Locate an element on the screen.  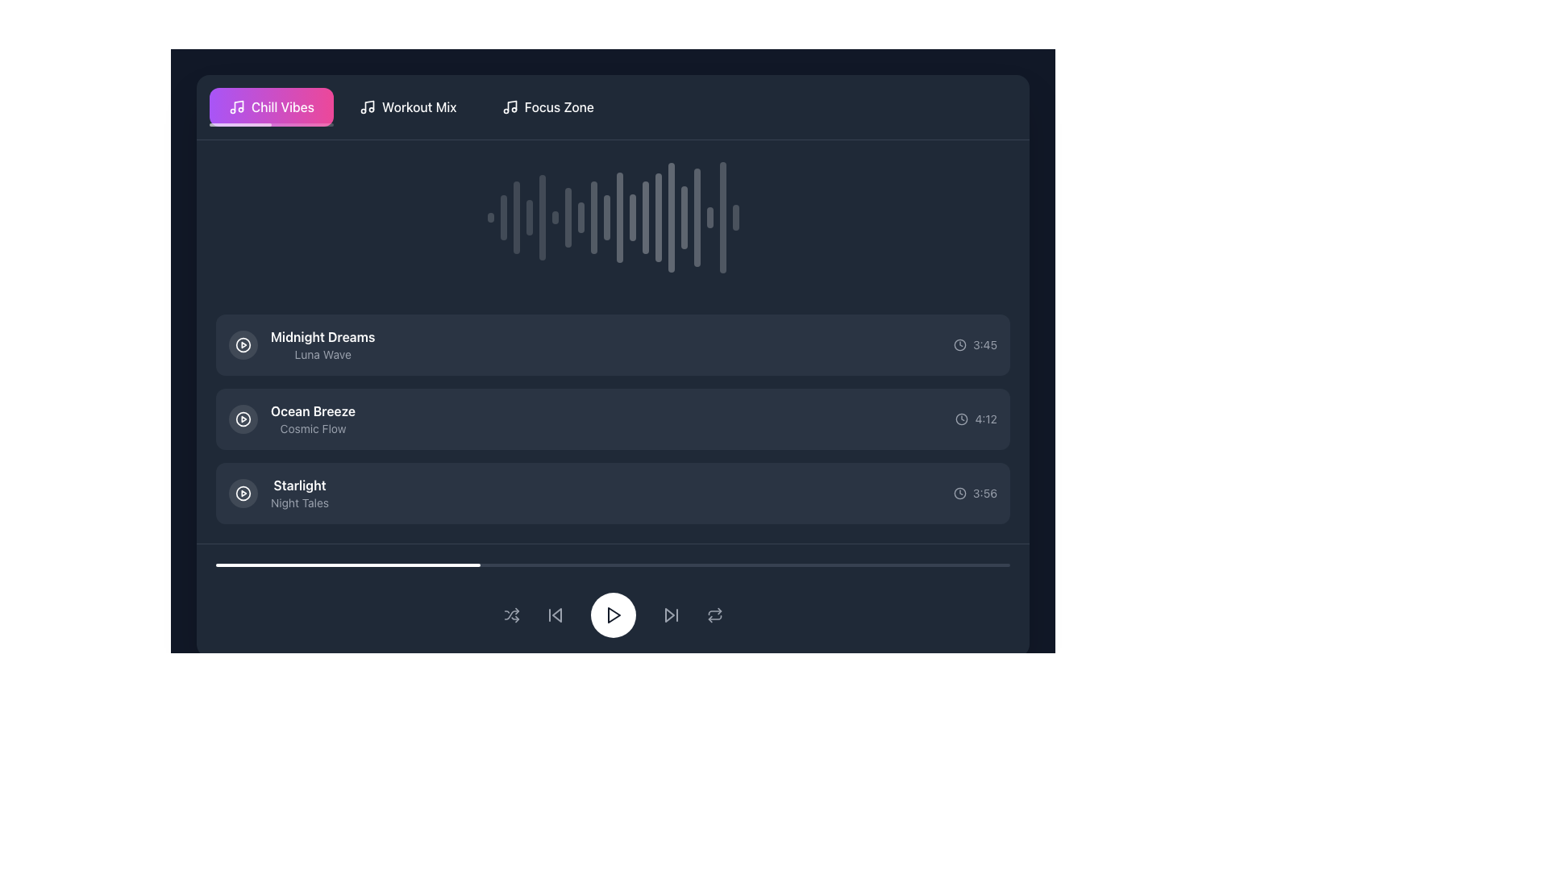
the triangular 'Play' icon located at the center of the bottom control panel is located at coordinates (613, 615).